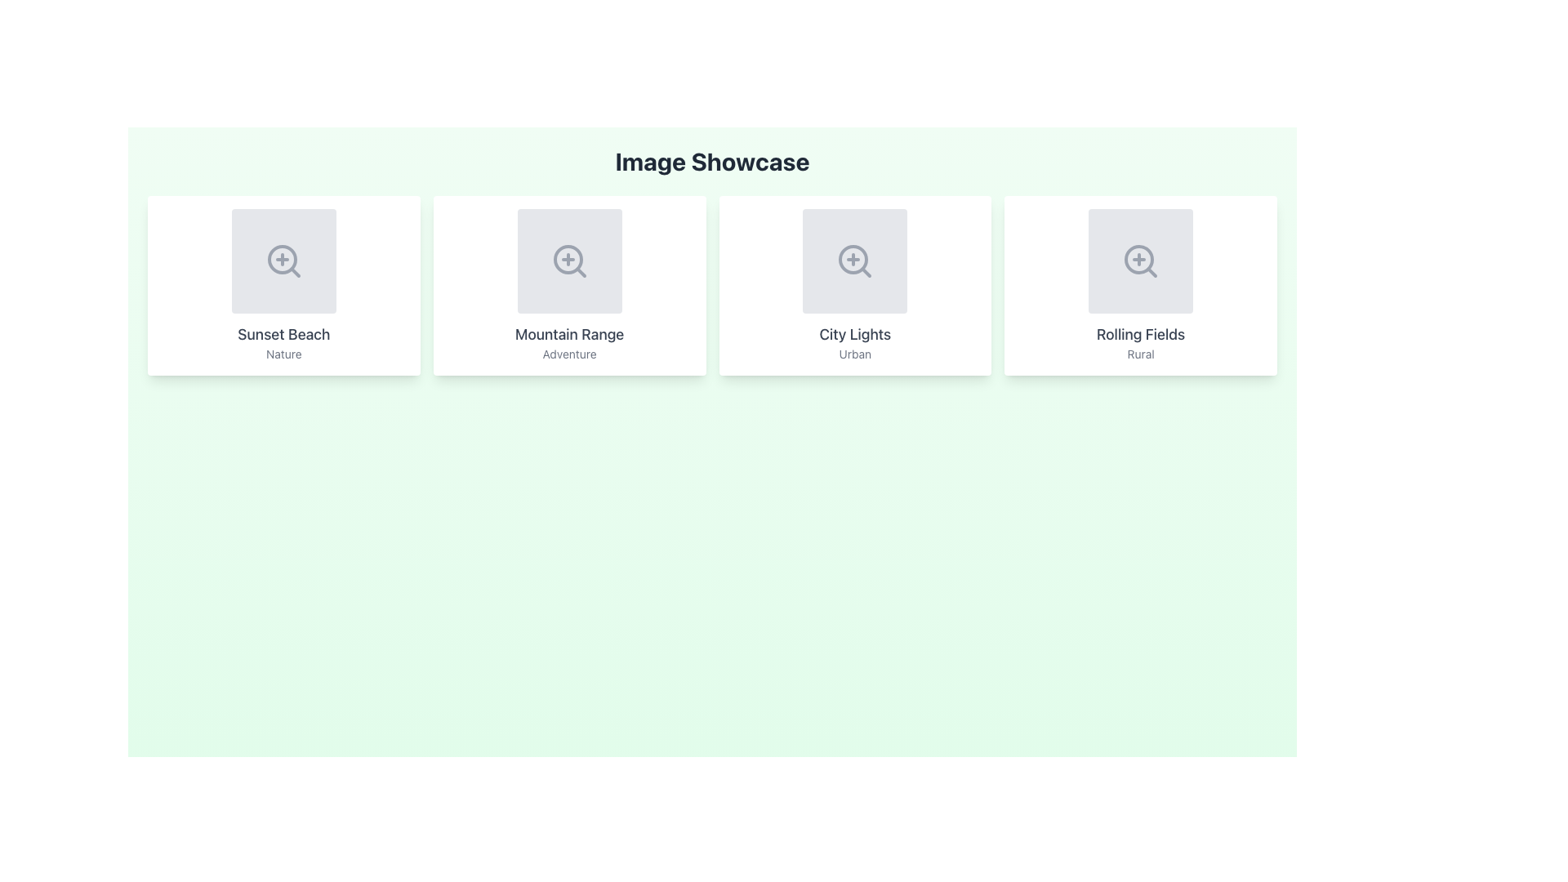 This screenshot has height=882, width=1568. Describe the element at coordinates (283, 285) in the screenshot. I see `the first card in the image showcase gallery that previews or links to content related to 'Sunset Beach' and 'Nature'` at that location.